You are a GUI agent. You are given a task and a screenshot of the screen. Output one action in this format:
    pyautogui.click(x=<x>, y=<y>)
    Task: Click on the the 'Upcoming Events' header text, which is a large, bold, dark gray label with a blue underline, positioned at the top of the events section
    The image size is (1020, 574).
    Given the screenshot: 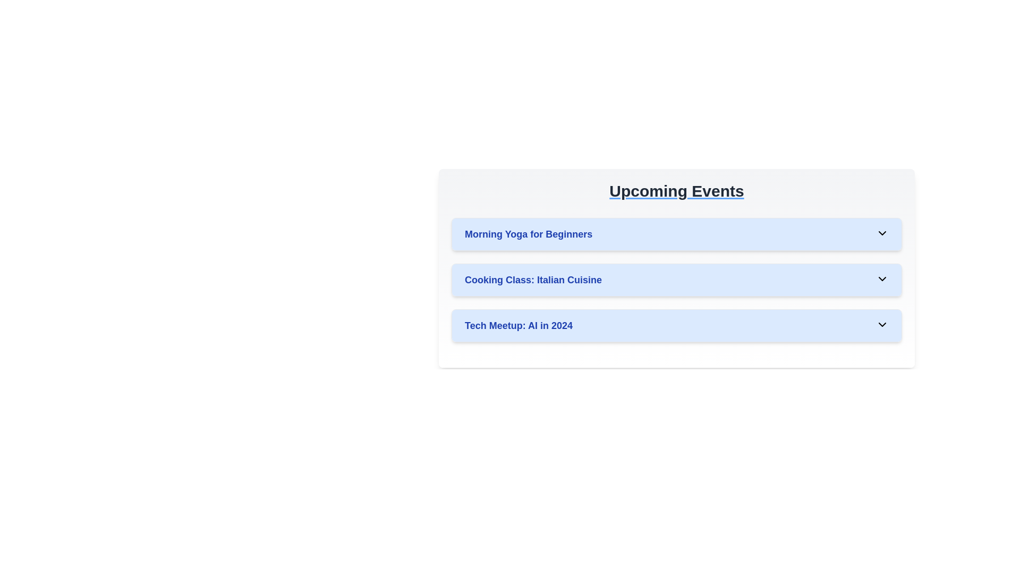 What is the action you would take?
    pyautogui.click(x=676, y=190)
    